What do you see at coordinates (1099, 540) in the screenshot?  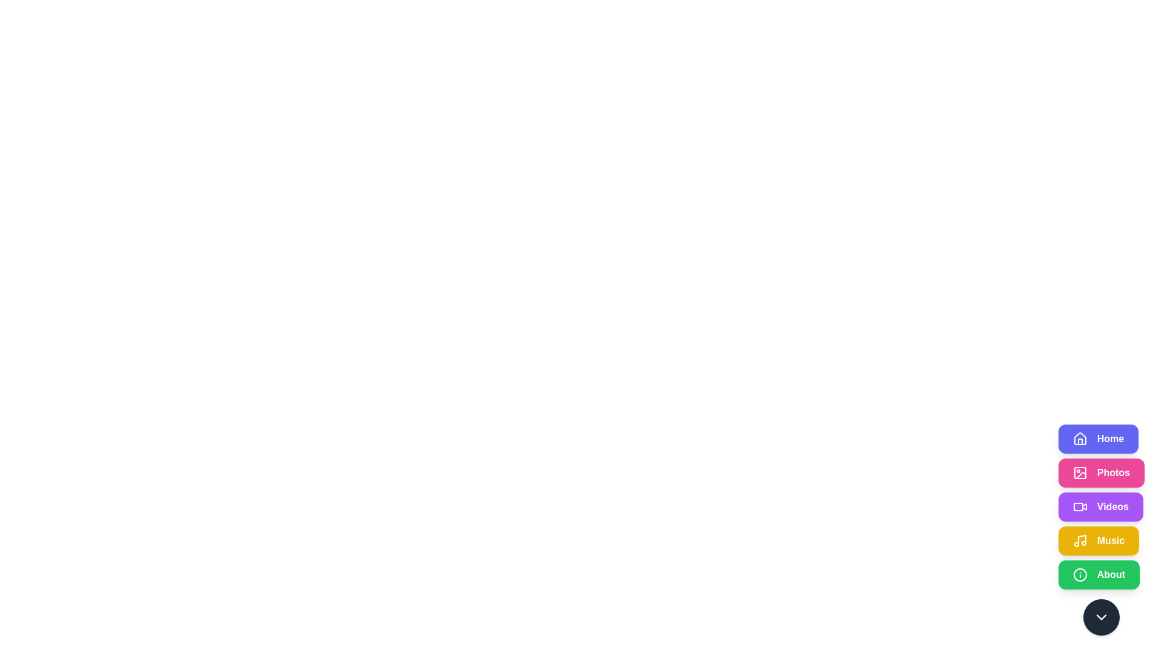 I see `the Music button to observe its hover effect` at bounding box center [1099, 540].